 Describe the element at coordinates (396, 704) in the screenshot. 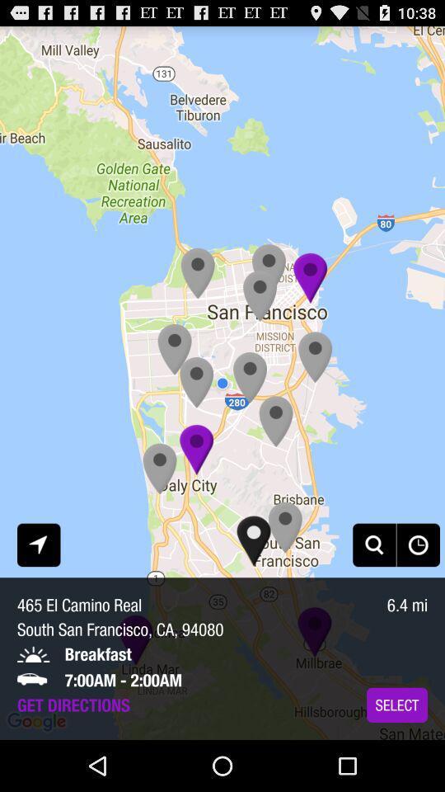

I see `the icon next to the 7 00am 2 app` at that location.